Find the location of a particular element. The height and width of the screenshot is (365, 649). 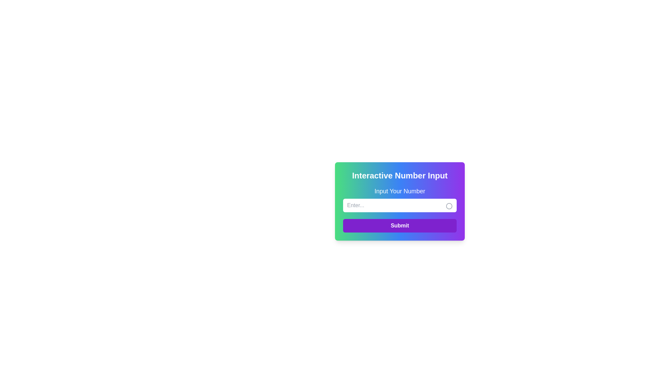

the submit button located at the bottom center of the gradient card is located at coordinates (400, 225).